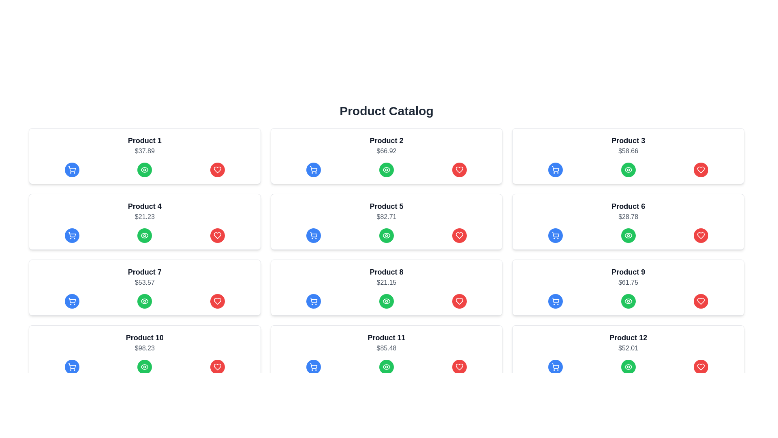 The image size is (778, 438). I want to click on the text label that displays the product name for 'Product 7', located at the center of the card in the third row, first column of the product catalog grid, so click(145, 272).